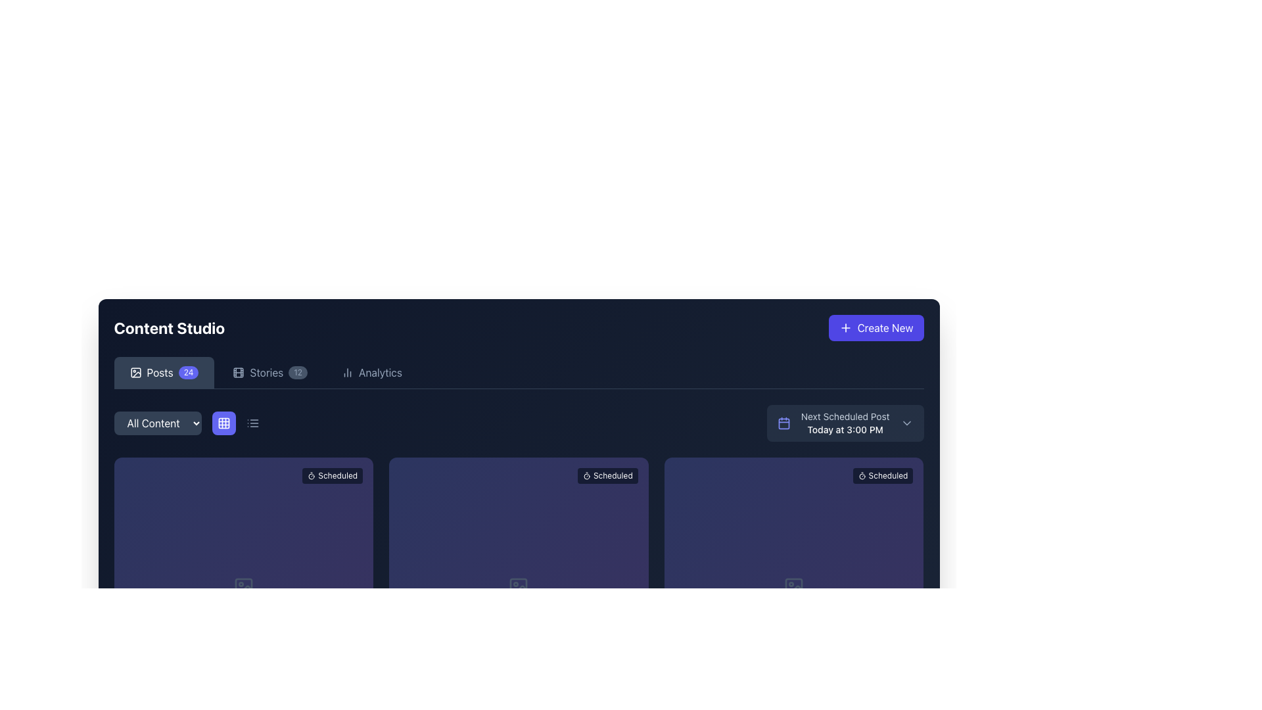 Image resolution: width=1262 pixels, height=710 pixels. Describe the element at coordinates (347, 373) in the screenshot. I see `the first icon in the 'Analytics' button group located in the header navigation bar` at that location.